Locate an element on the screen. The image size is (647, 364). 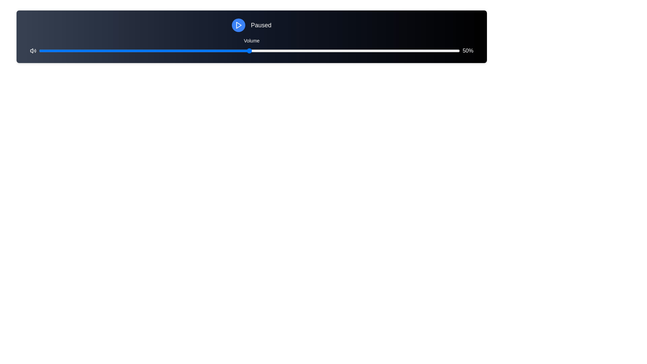
the volume level is located at coordinates (291, 50).